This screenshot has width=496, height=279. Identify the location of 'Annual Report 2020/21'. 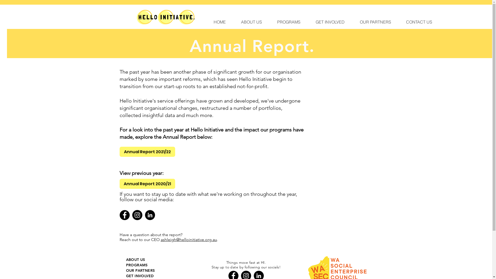
(147, 183).